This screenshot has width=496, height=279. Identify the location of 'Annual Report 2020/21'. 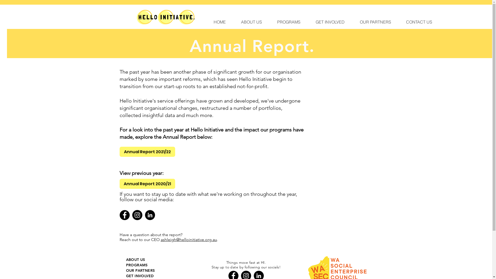
(147, 183).